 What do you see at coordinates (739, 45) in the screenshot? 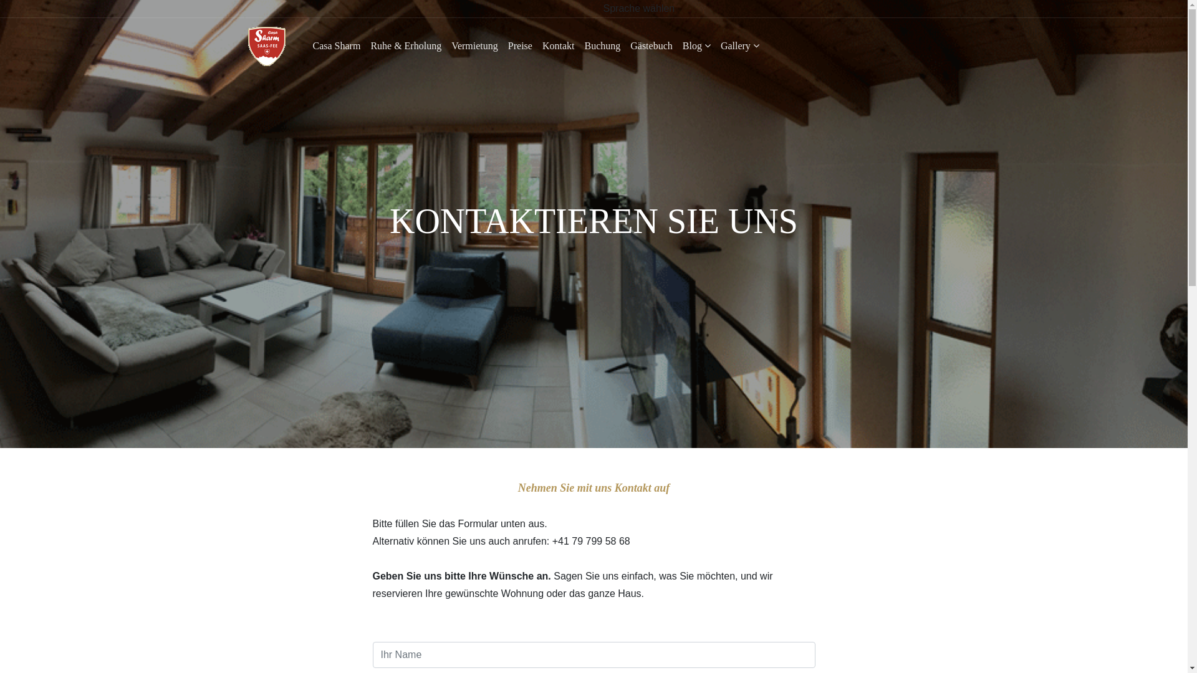
I see `'Gallery'` at bounding box center [739, 45].